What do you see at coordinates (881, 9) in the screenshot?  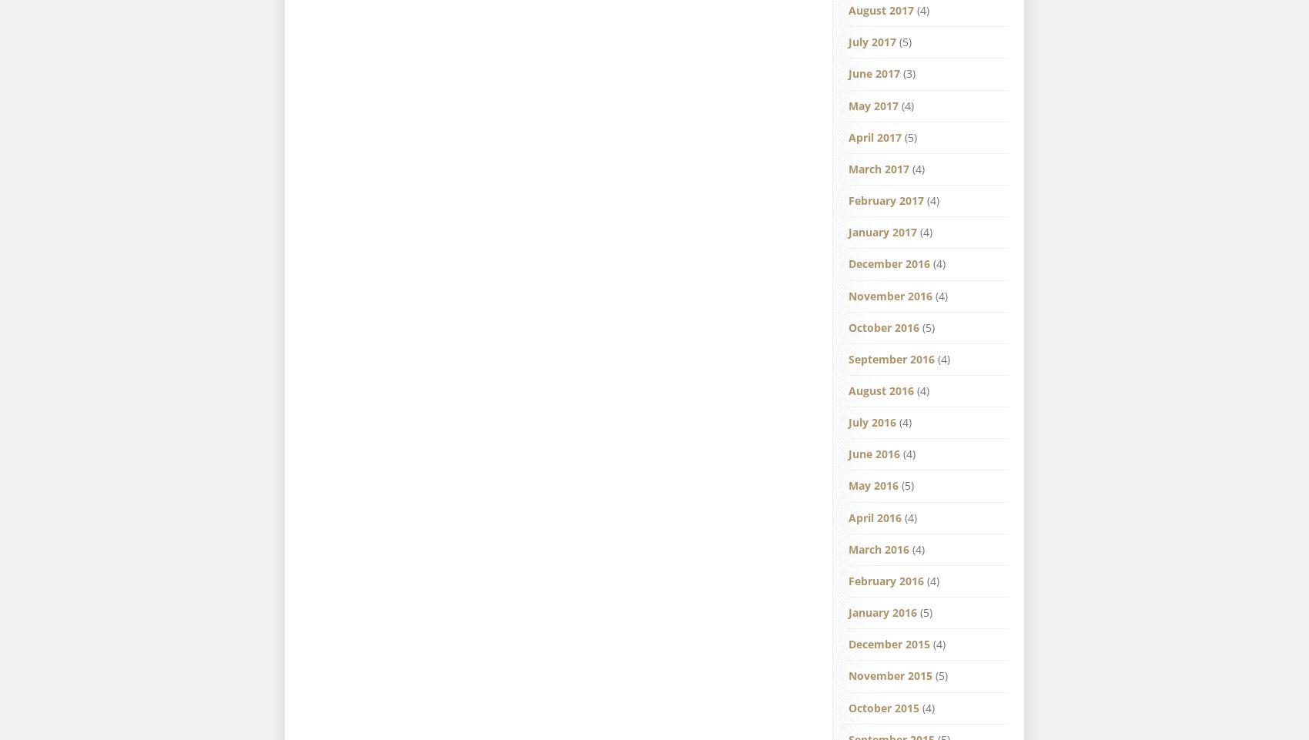 I see `'August 2017'` at bounding box center [881, 9].